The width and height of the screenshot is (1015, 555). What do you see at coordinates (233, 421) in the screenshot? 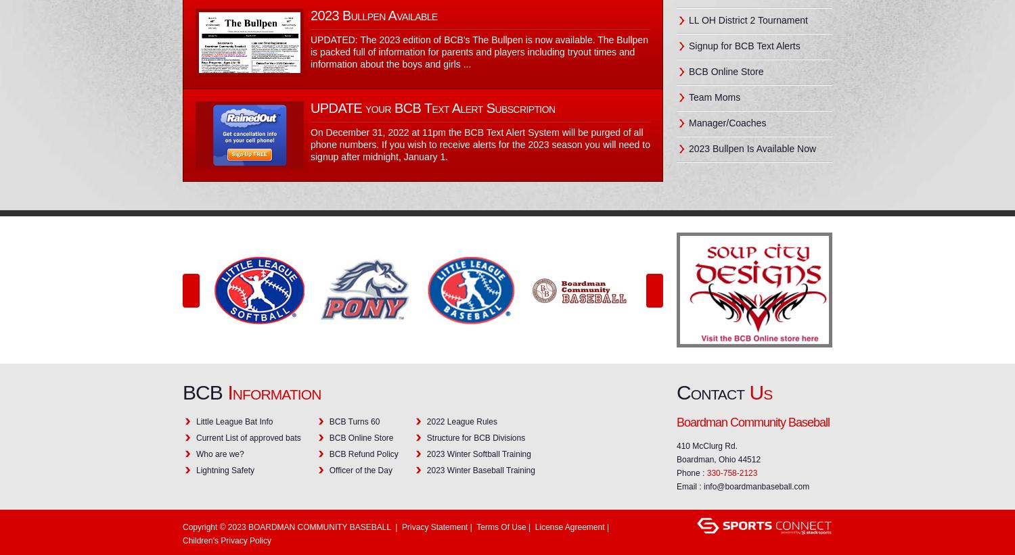
I see `'Little League Bat Info'` at bounding box center [233, 421].